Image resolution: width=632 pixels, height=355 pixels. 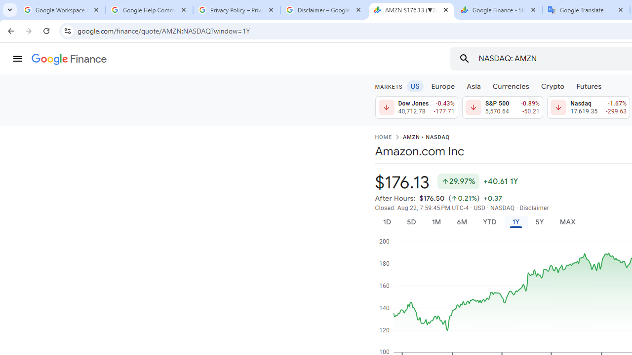 I want to click on 'YTD', so click(x=489, y=222).